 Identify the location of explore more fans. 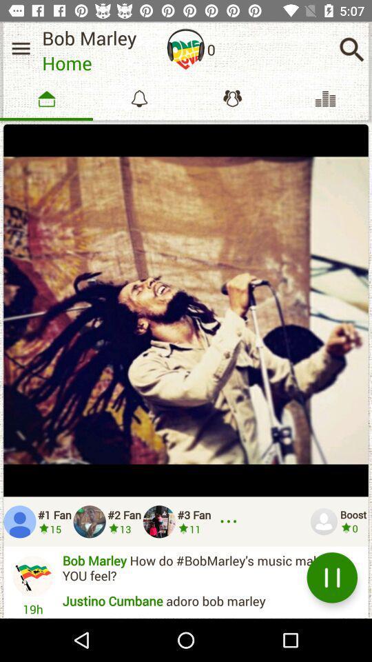
(231, 521).